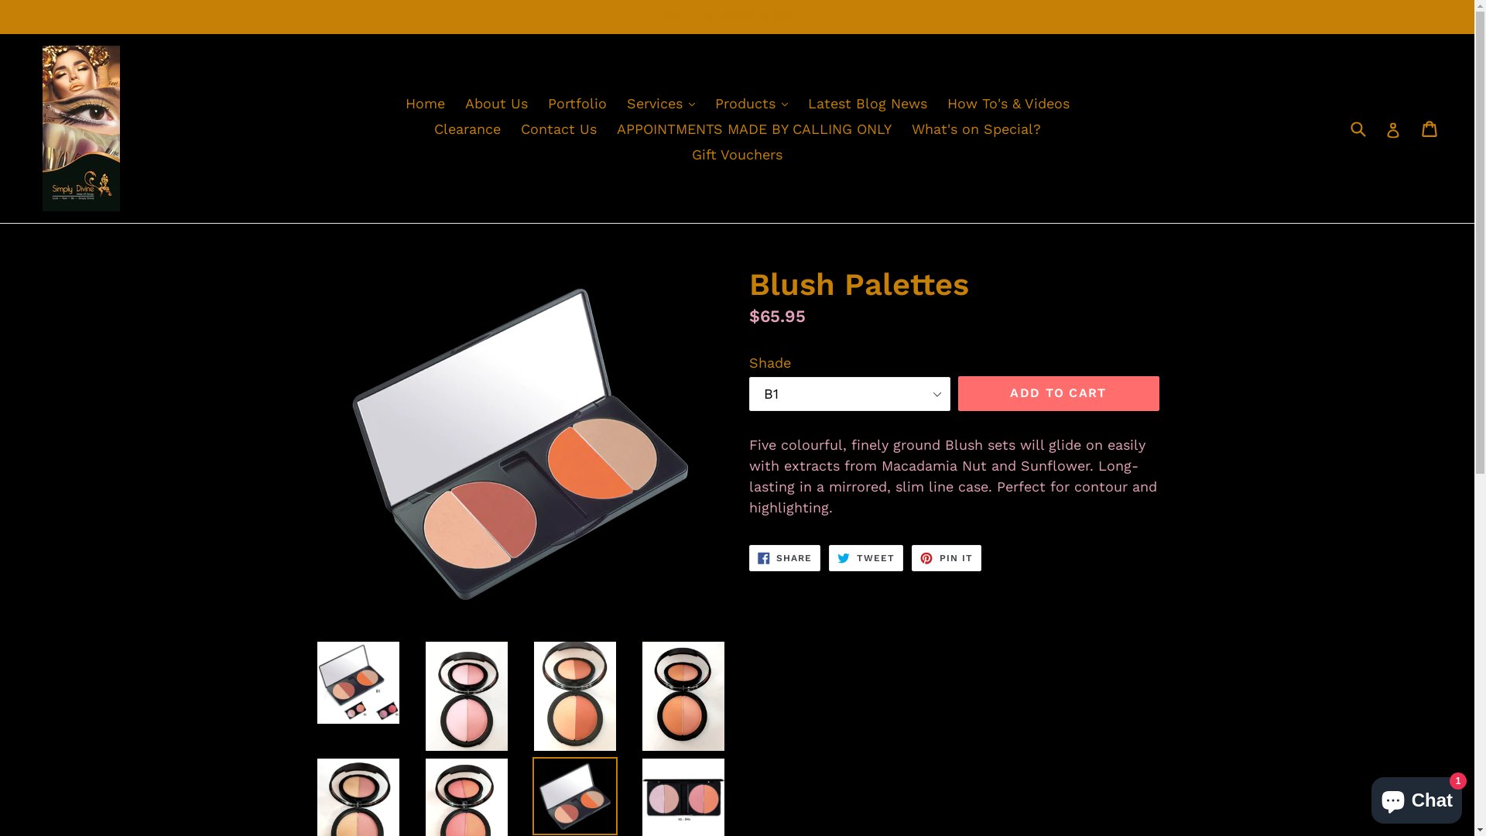 This screenshot has height=836, width=1486. I want to click on 'What's on Special?', so click(975, 128).